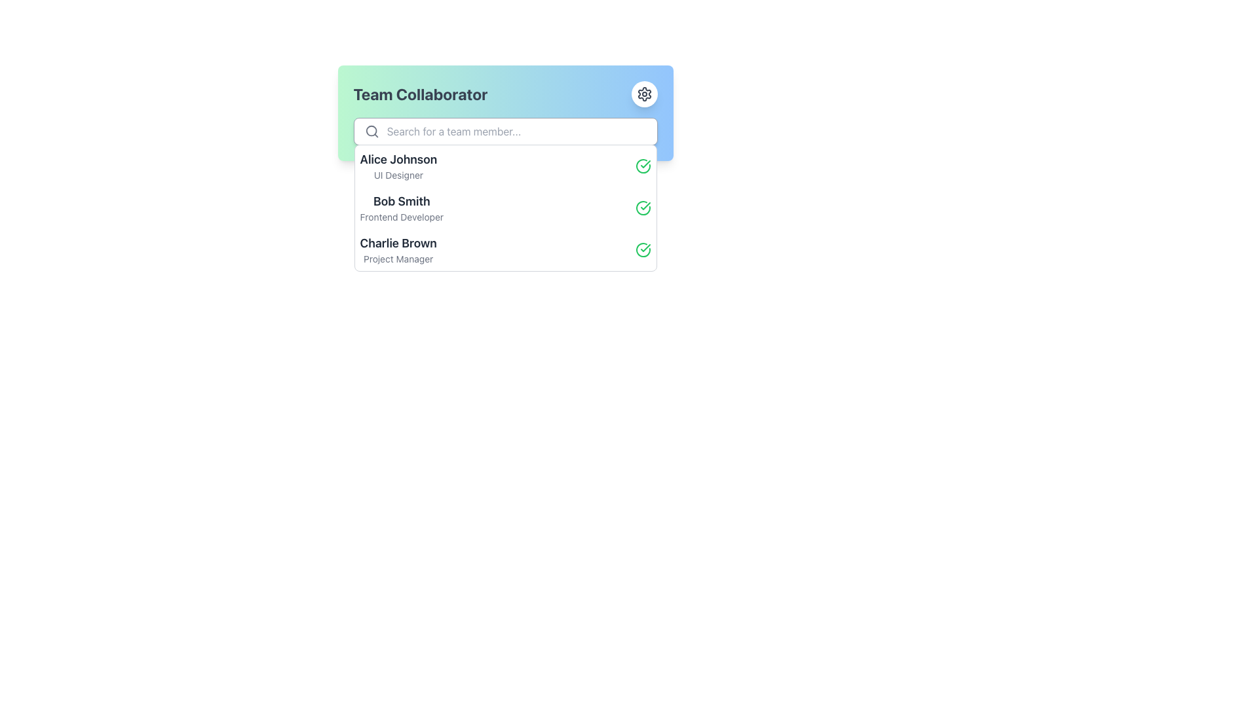 Image resolution: width=1258 pixels, height=707 pixels. Describe the element at coordinates (401, 207) in the screenshot. I see `the contact information field displaying the team member's name and role, located in the second position under the list title 'Team Collaborator'` at that location.